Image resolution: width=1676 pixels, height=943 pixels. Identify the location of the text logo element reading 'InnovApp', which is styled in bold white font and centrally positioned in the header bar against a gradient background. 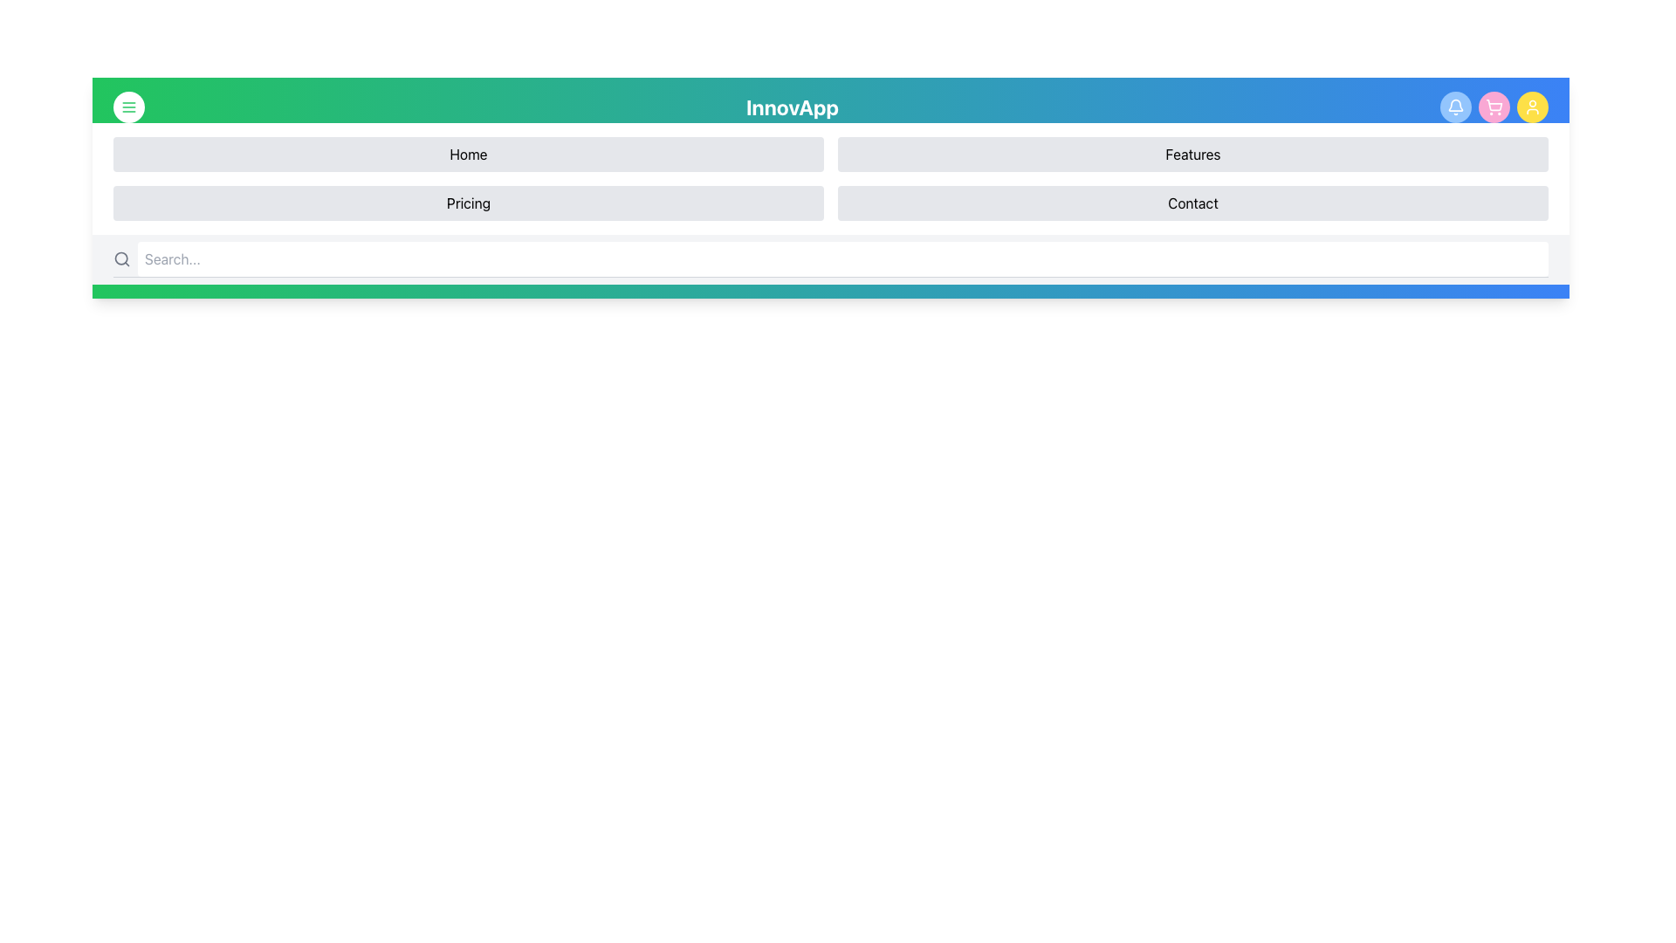
(829, 107).